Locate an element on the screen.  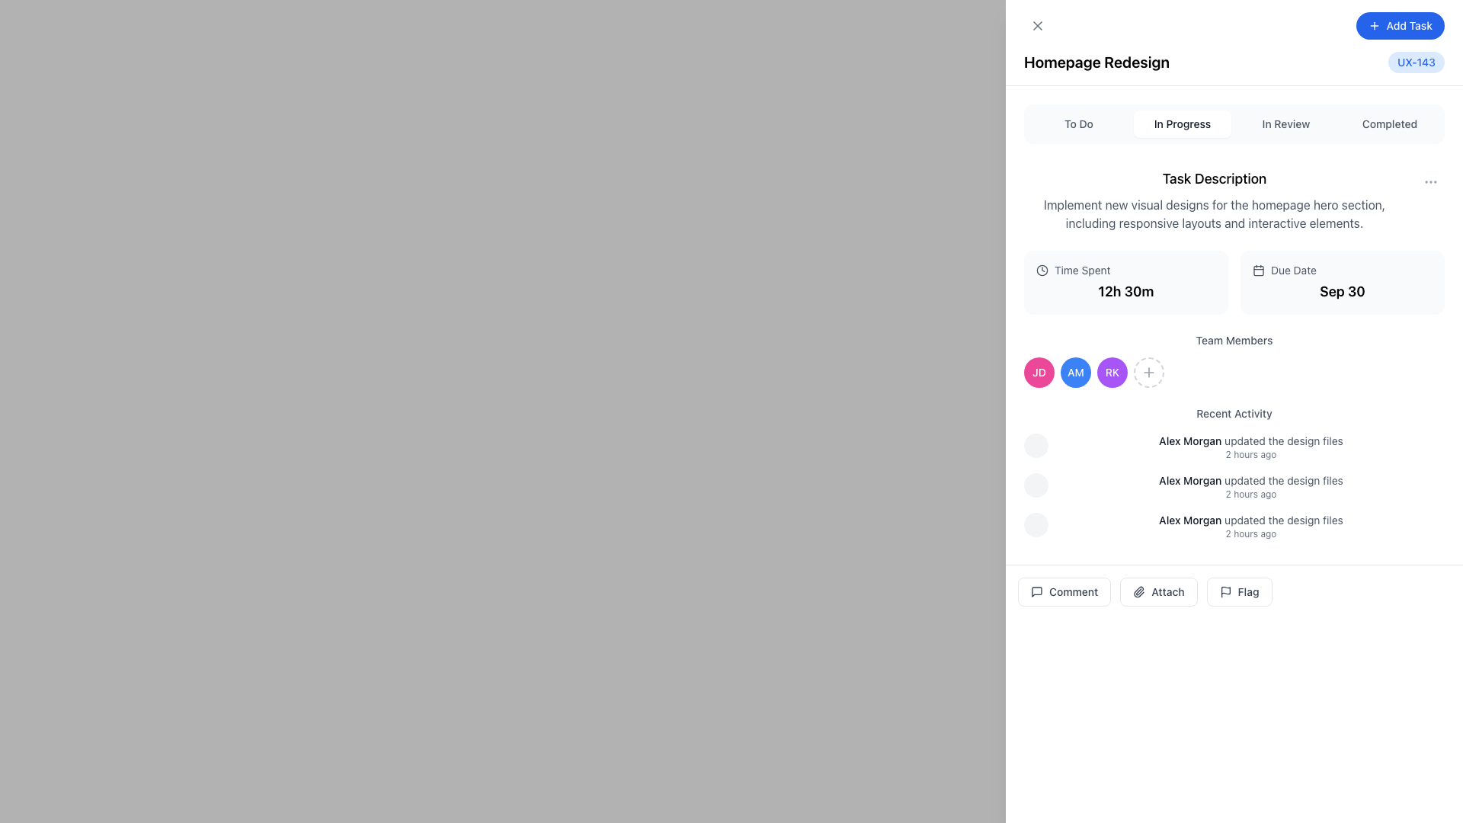
the small plus icon located within the blue 'Add Task' button positioned in the top-right section of the interface is located at coordinates (1374, 26).